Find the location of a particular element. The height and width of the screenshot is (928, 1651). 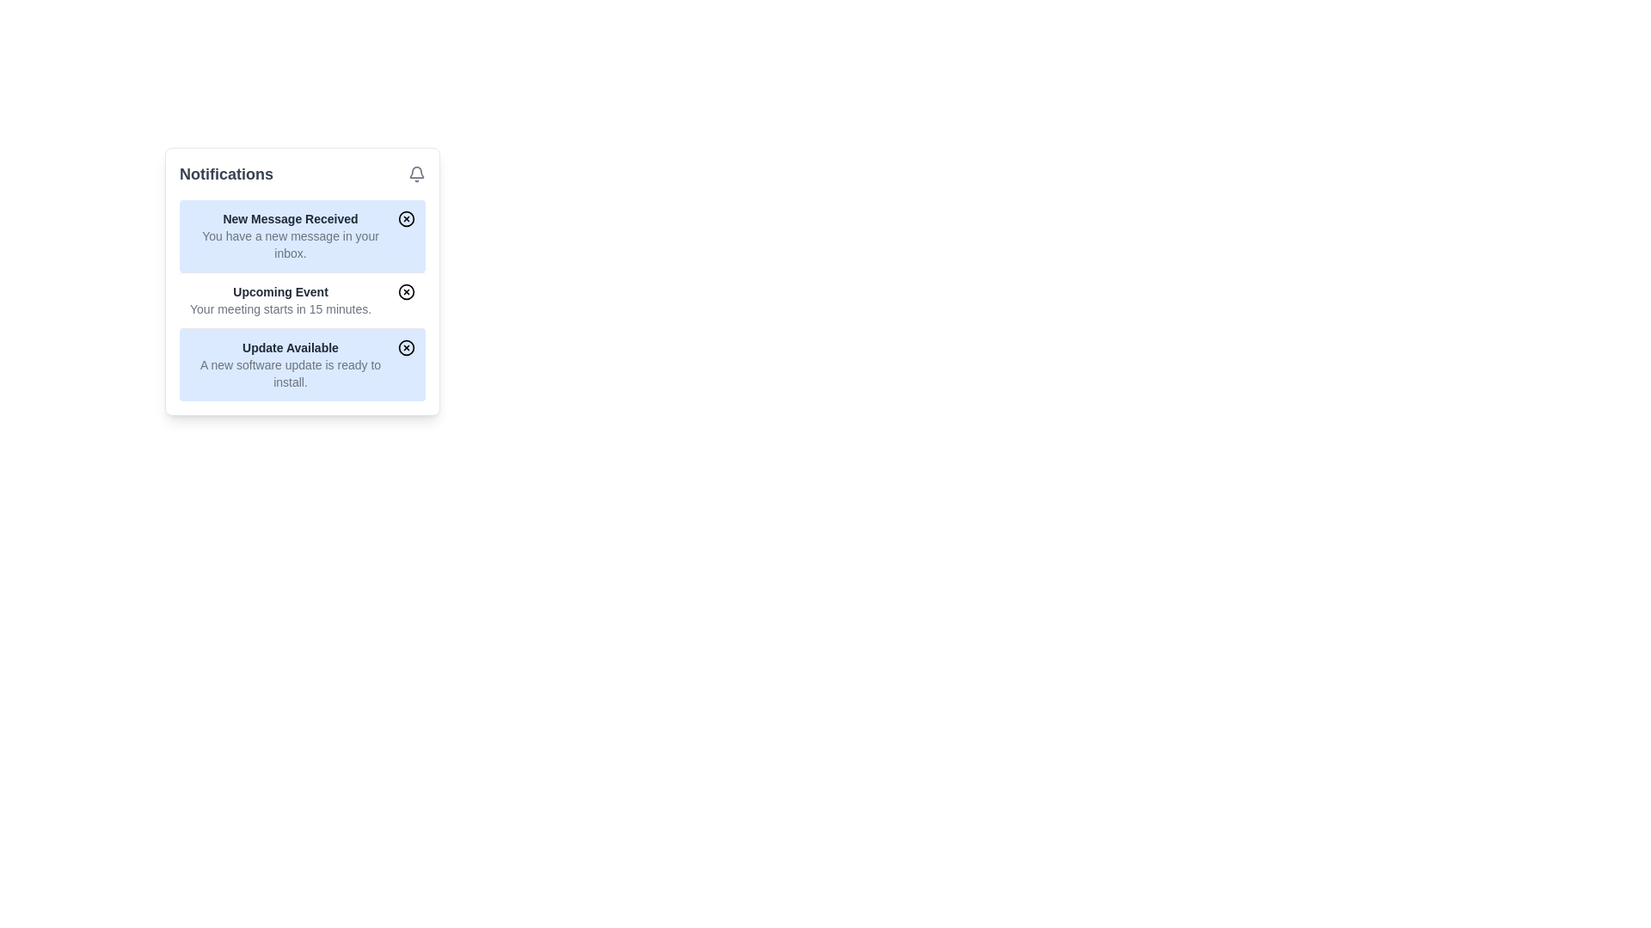

the dismiss button located in the top-right corner of the 'New Message Received' notification card is located at coordinates (406, 217).